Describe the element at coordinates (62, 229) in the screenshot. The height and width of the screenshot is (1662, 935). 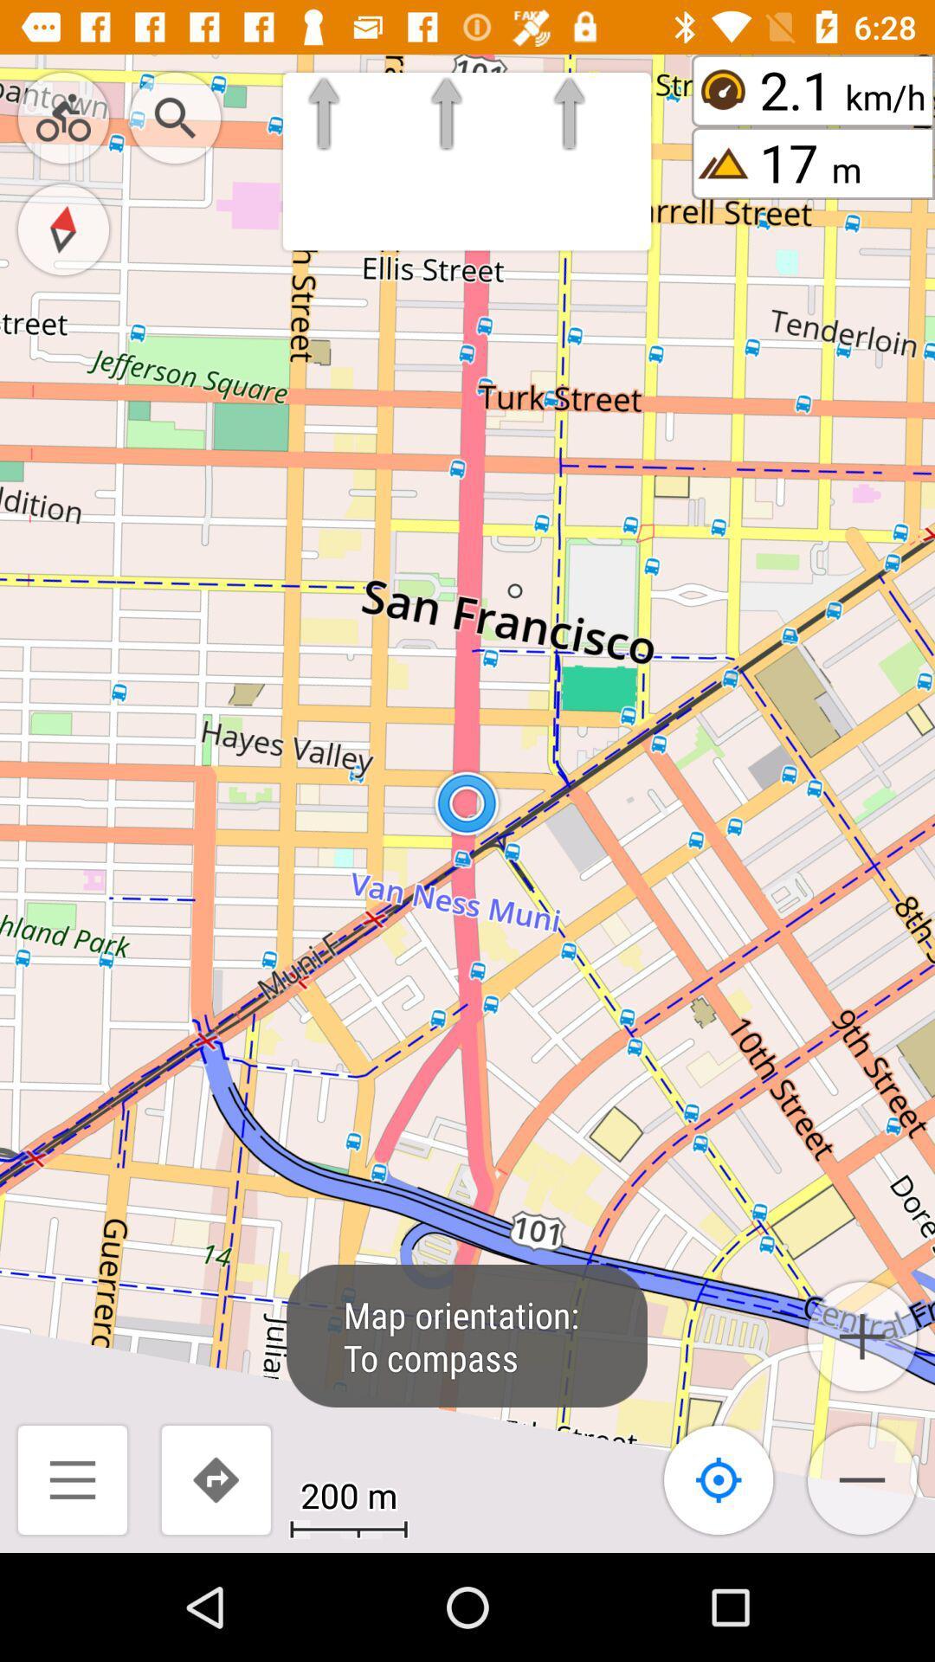
I see `the explore icon` at that location.